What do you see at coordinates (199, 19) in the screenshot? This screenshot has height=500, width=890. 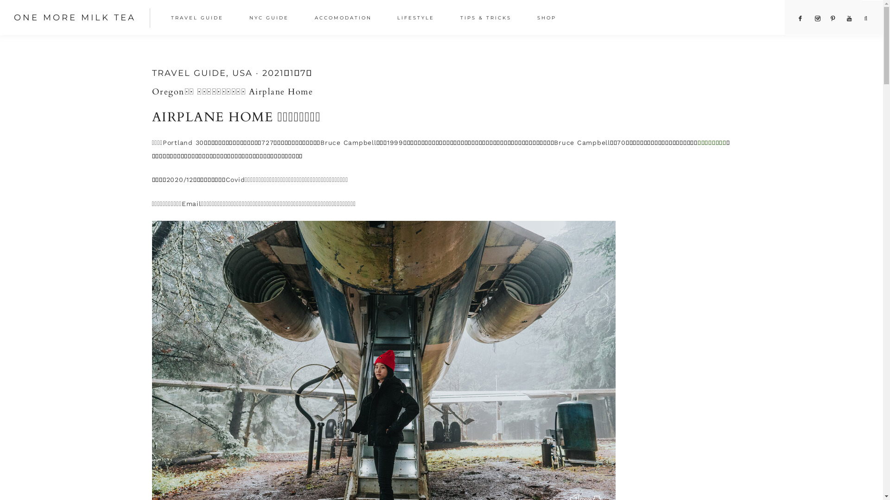 I see `'TRAVEL GUIDE'` at bounding box center [199, 19].